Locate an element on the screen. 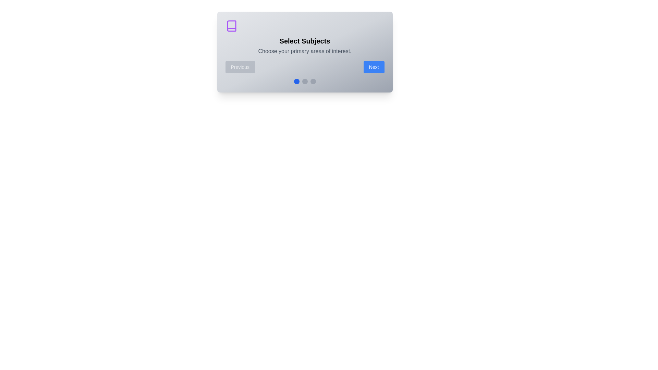  the 'Next' button to proceed to the next step is located at coordinates (373, 67).